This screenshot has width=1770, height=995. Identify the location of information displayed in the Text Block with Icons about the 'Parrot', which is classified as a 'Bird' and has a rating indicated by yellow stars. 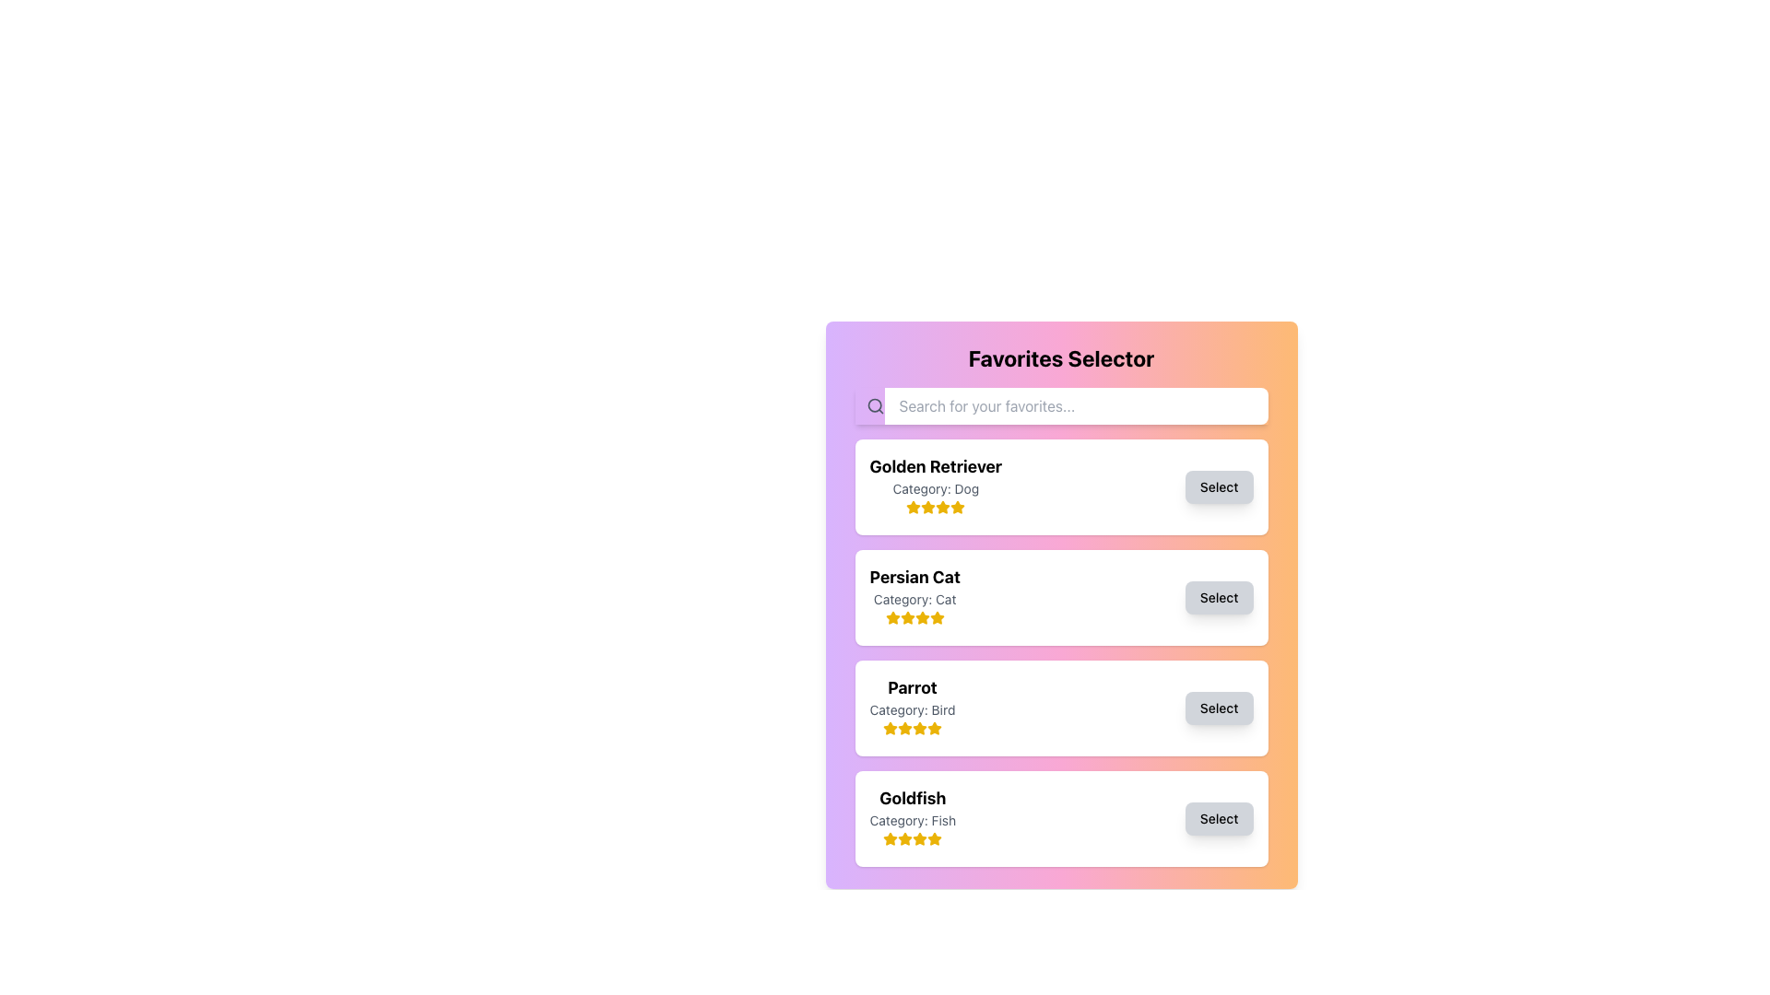
(912, 707).